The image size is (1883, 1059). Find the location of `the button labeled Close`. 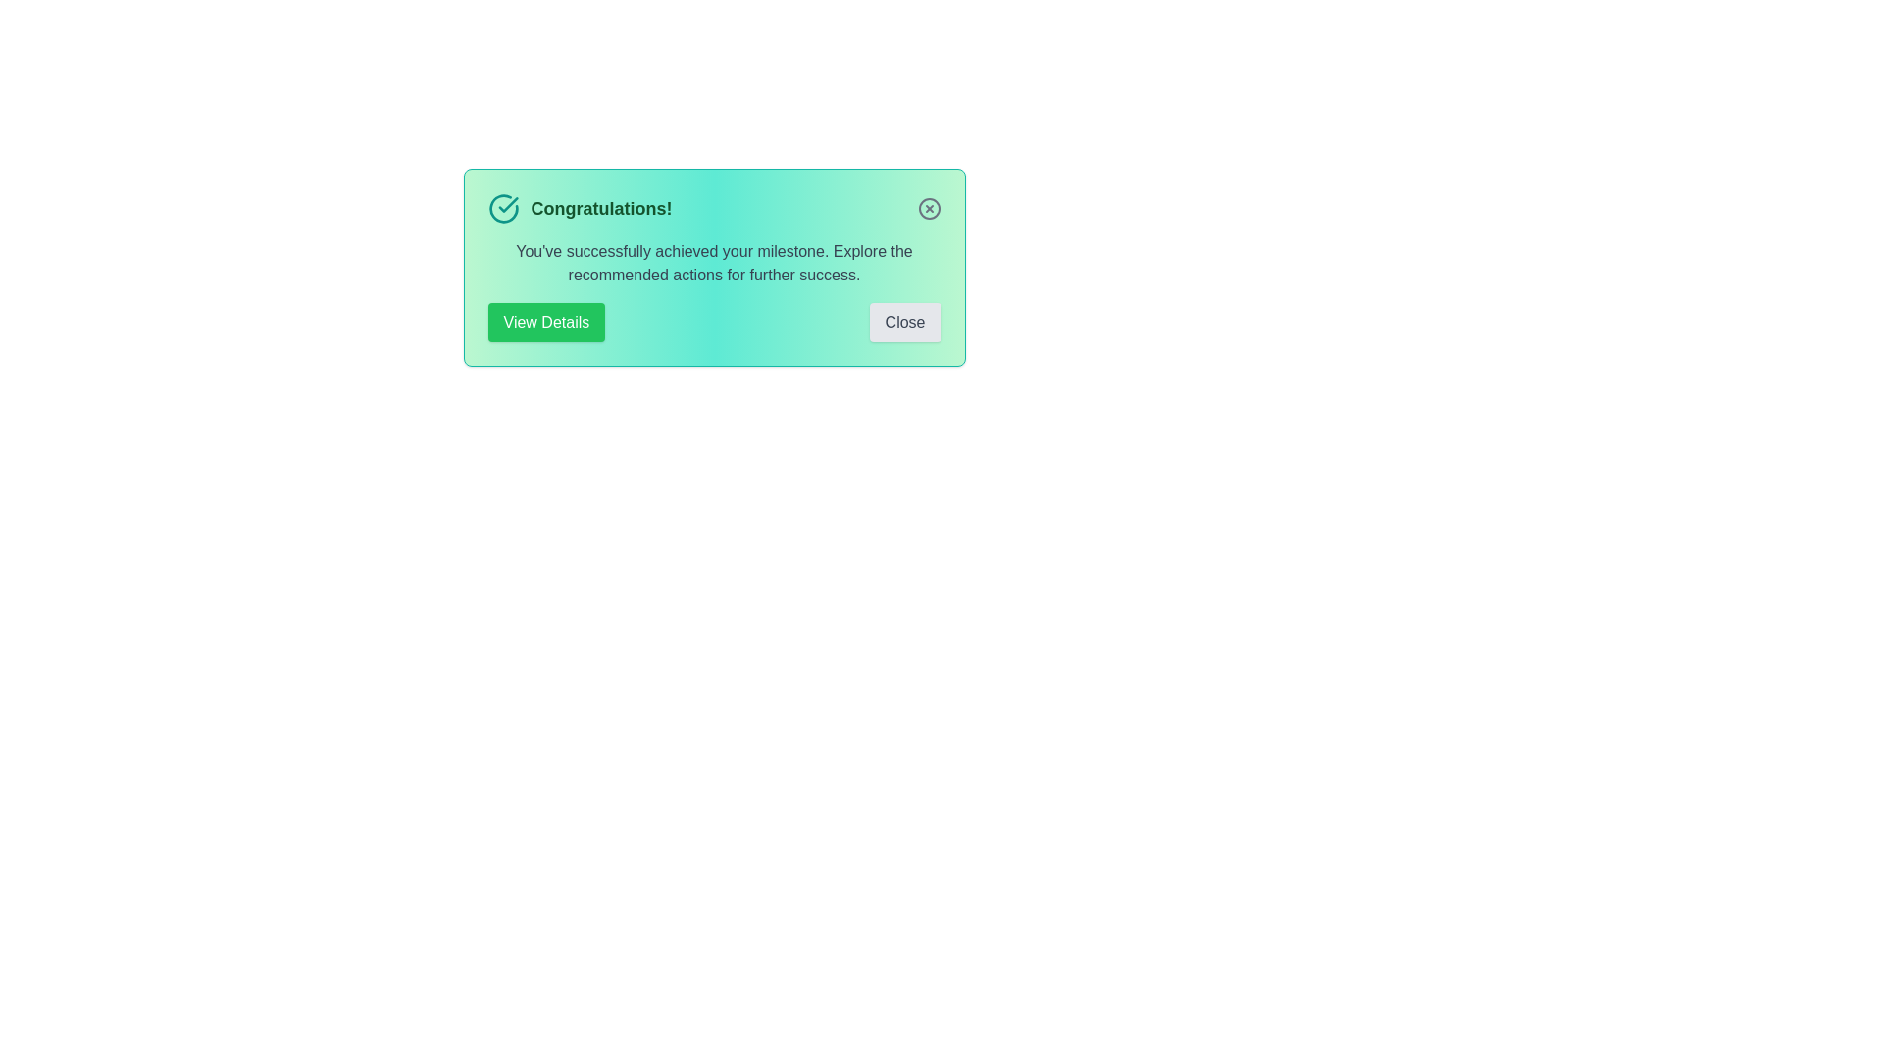

the button labeled Close is located at coordinates (904, 321).